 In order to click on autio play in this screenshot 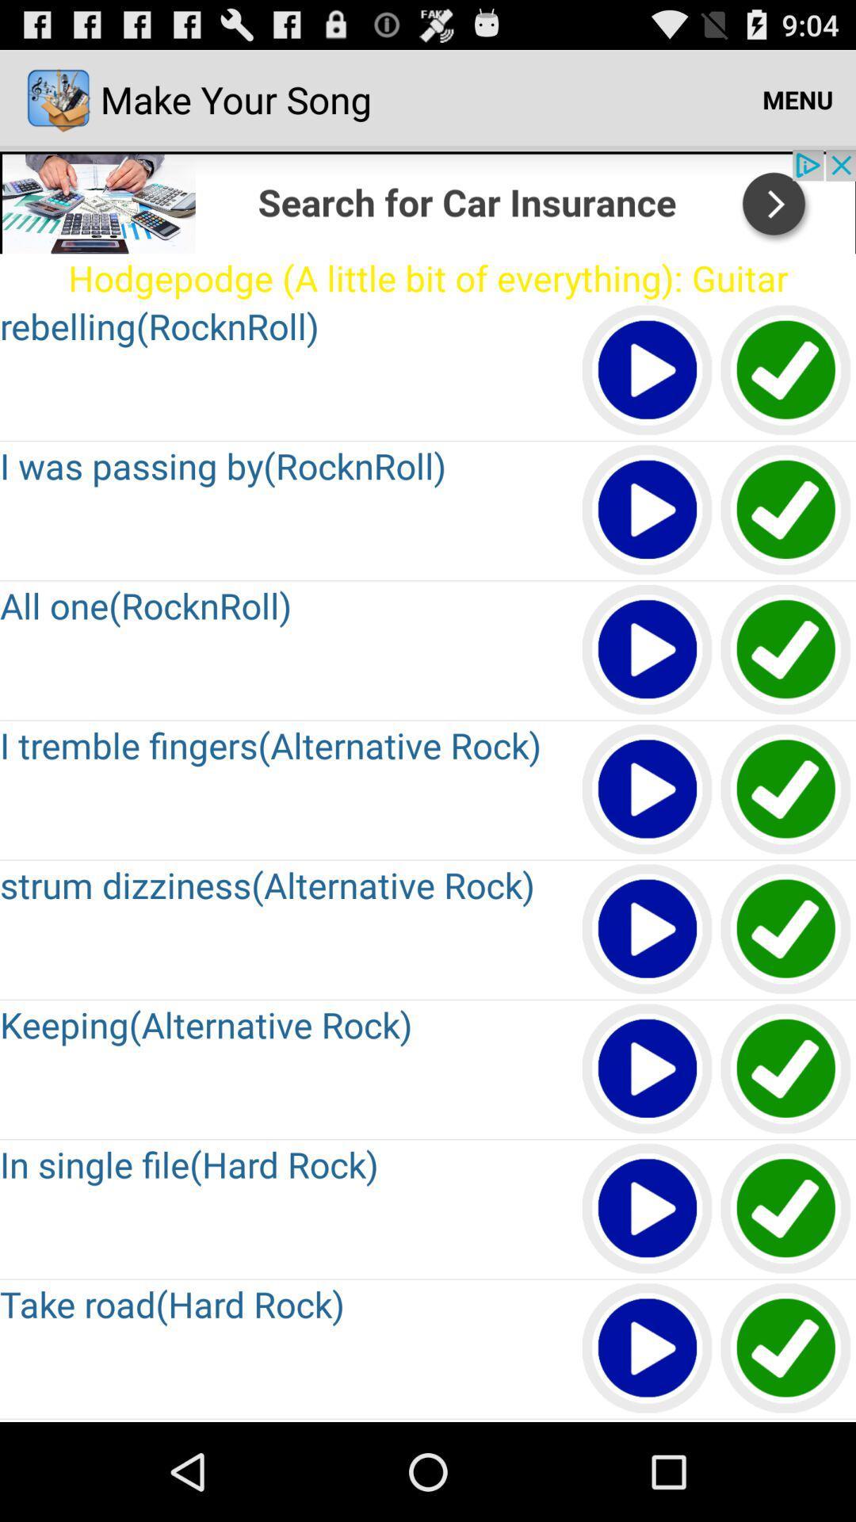, I will do `click(648, 511)`.